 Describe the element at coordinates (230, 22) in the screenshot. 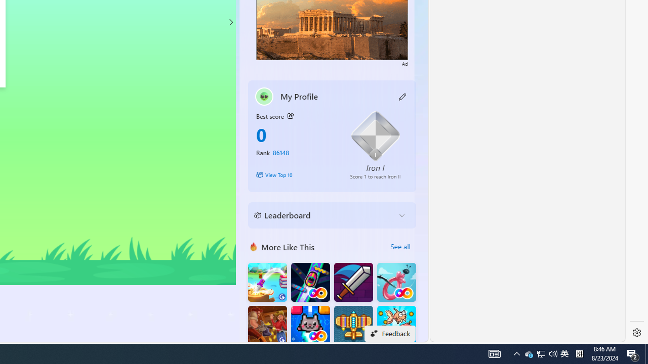

I see `'Class: control'` at that location.